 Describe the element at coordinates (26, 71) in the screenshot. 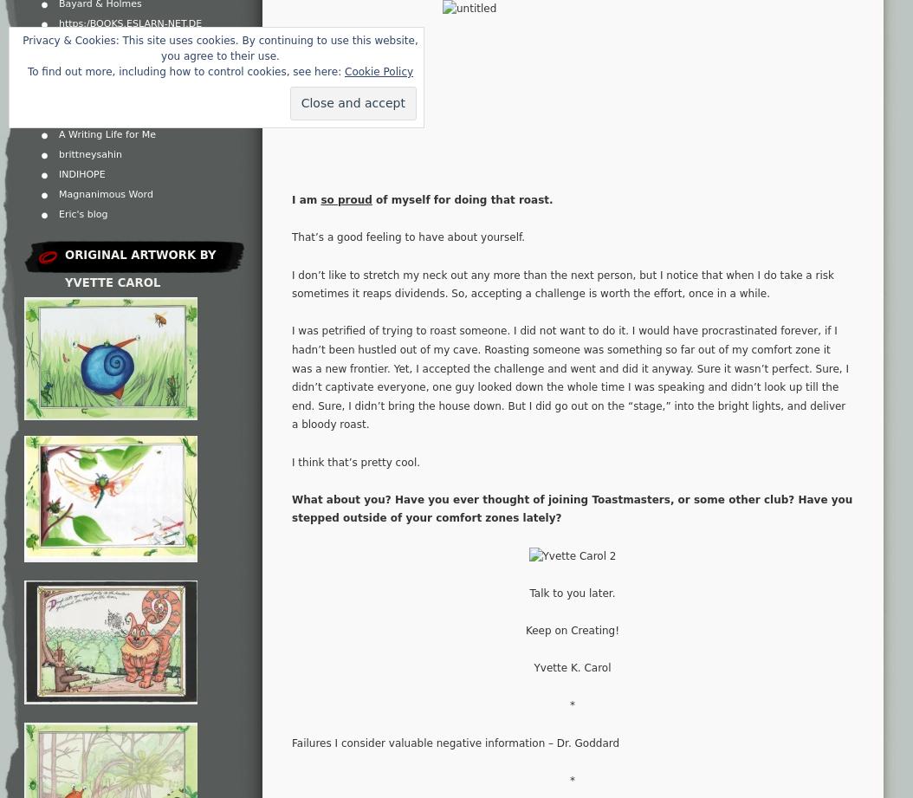

I see `'To find out more, including how to control cookies, see here:'` at that location.